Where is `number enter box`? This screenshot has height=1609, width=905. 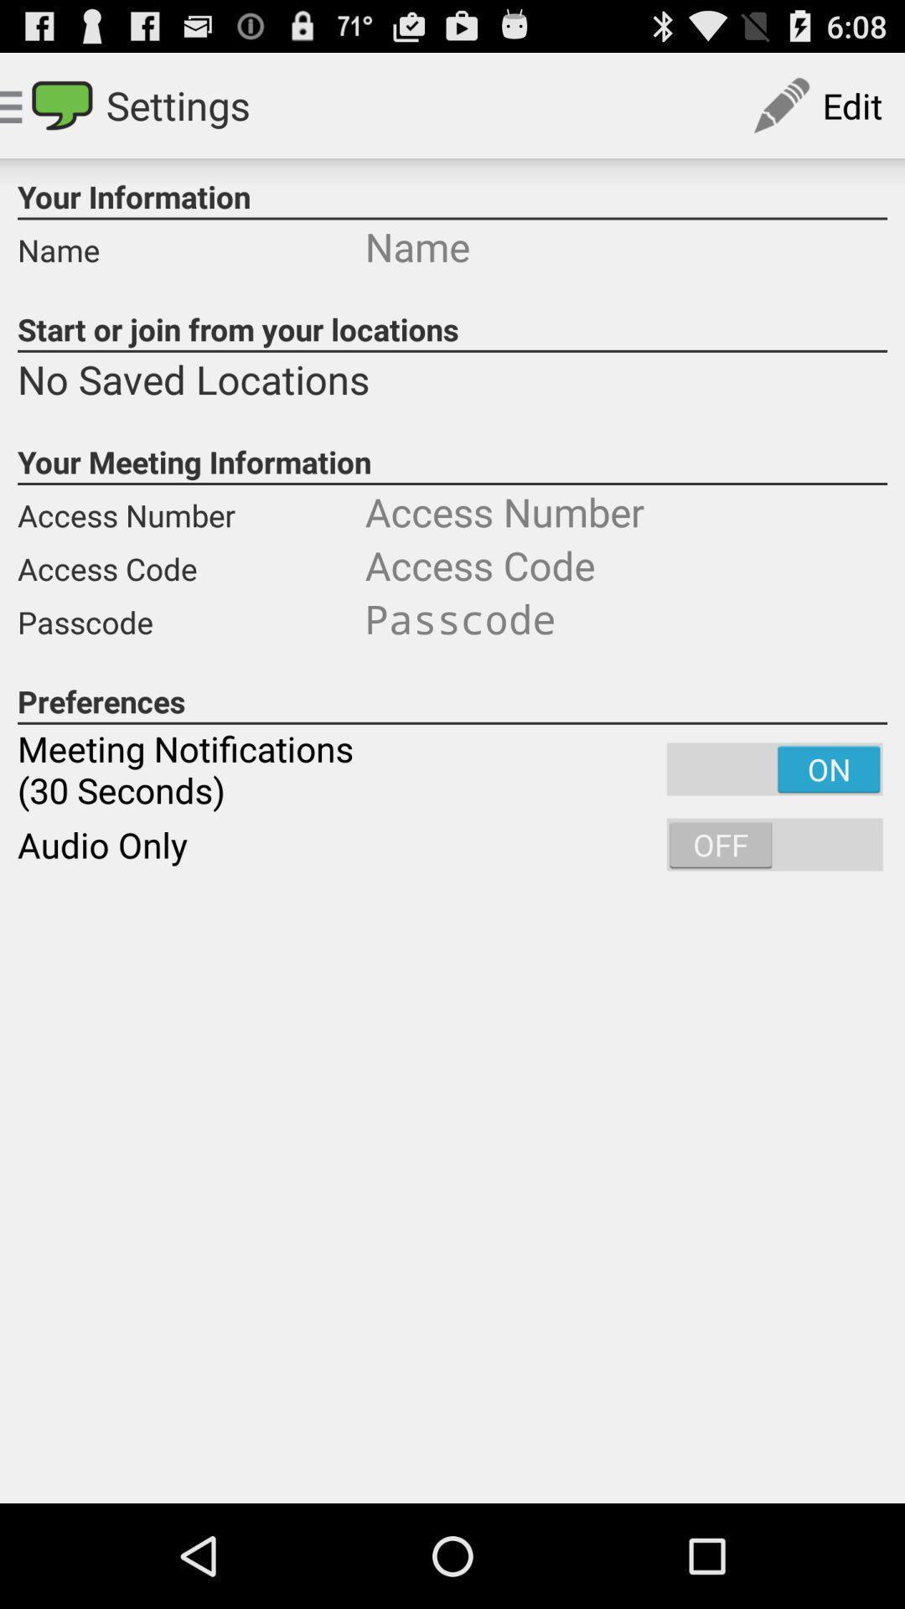
number enter box is located at coordinates (626, 510).